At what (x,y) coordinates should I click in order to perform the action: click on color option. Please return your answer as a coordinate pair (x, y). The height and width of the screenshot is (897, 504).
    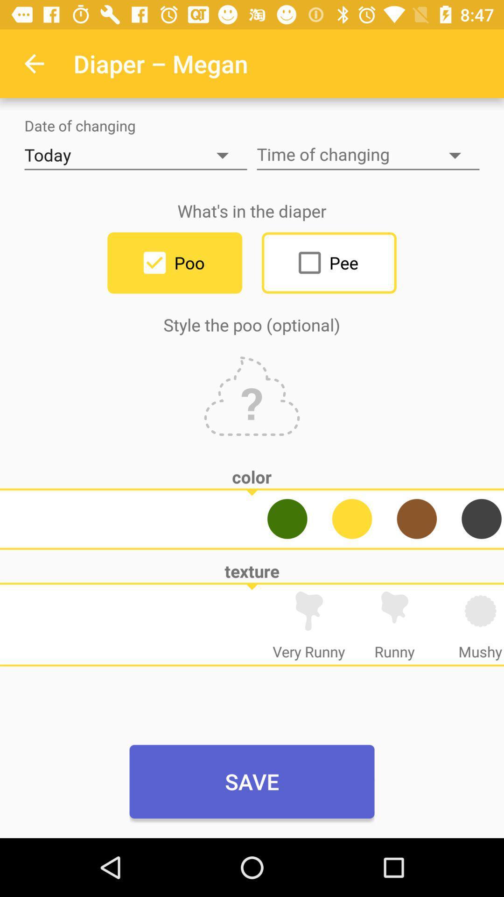
    Looking at the image, I should click on (352, 518).